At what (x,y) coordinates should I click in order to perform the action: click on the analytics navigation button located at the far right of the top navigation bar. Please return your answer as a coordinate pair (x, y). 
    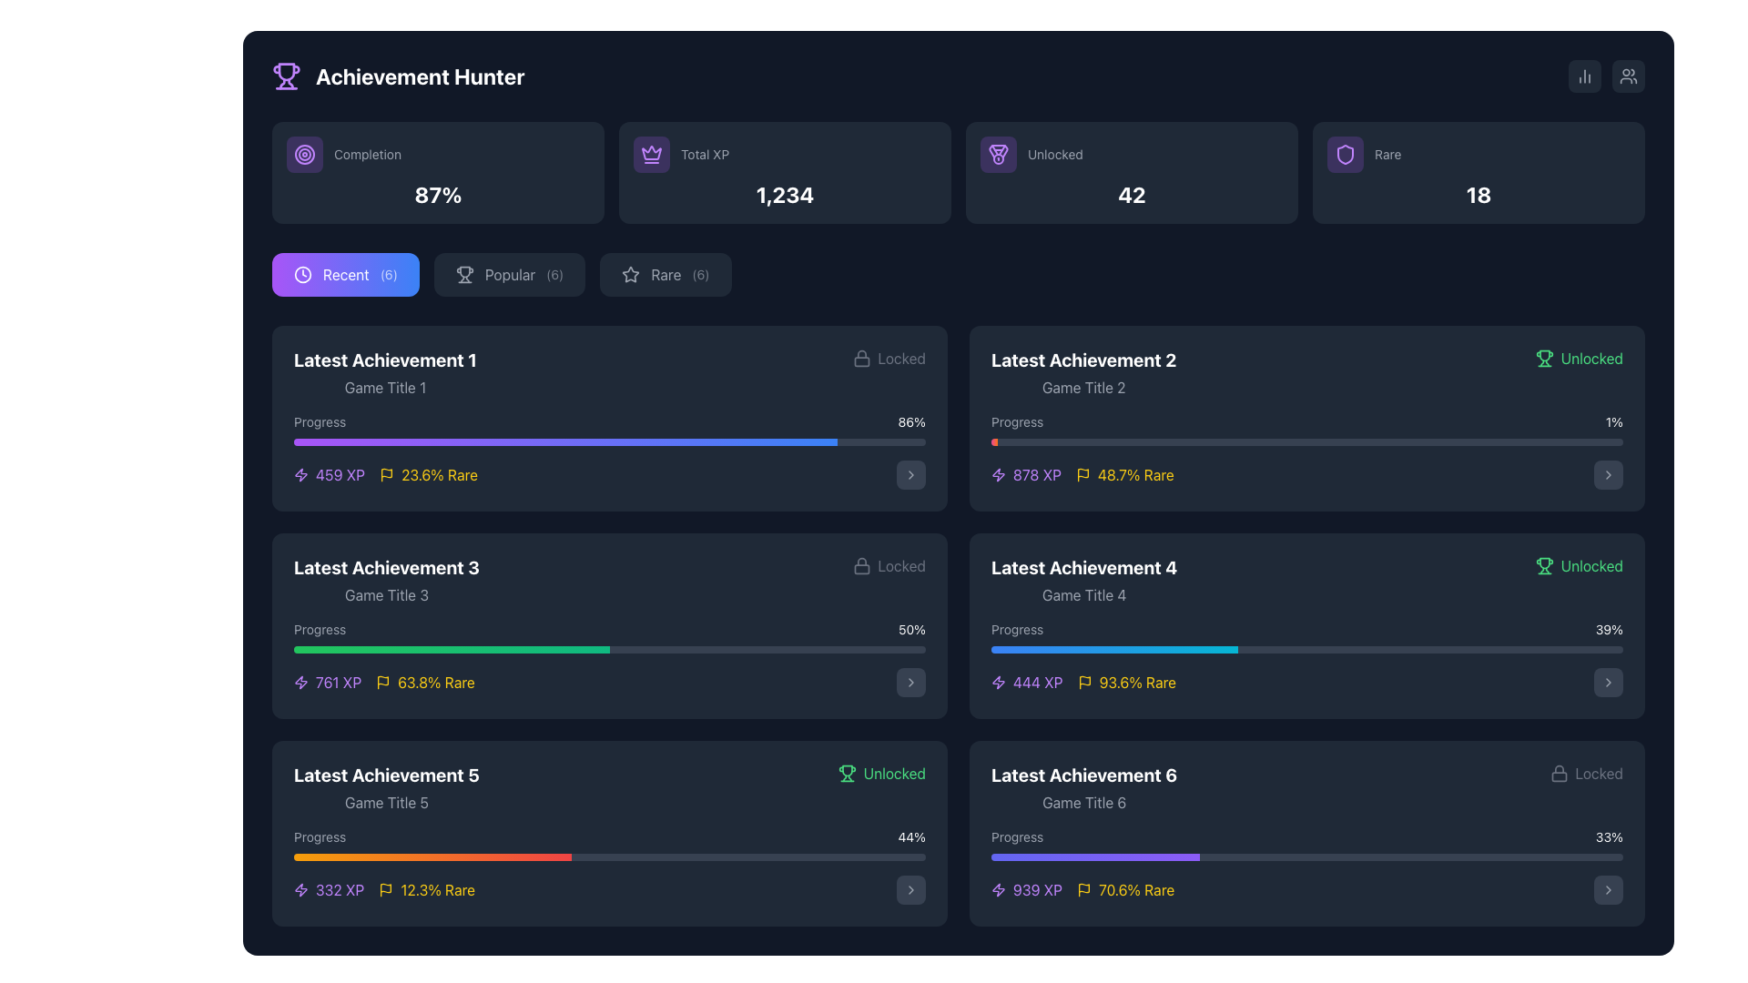
    Looking at the image, I should click on (1584, 76).